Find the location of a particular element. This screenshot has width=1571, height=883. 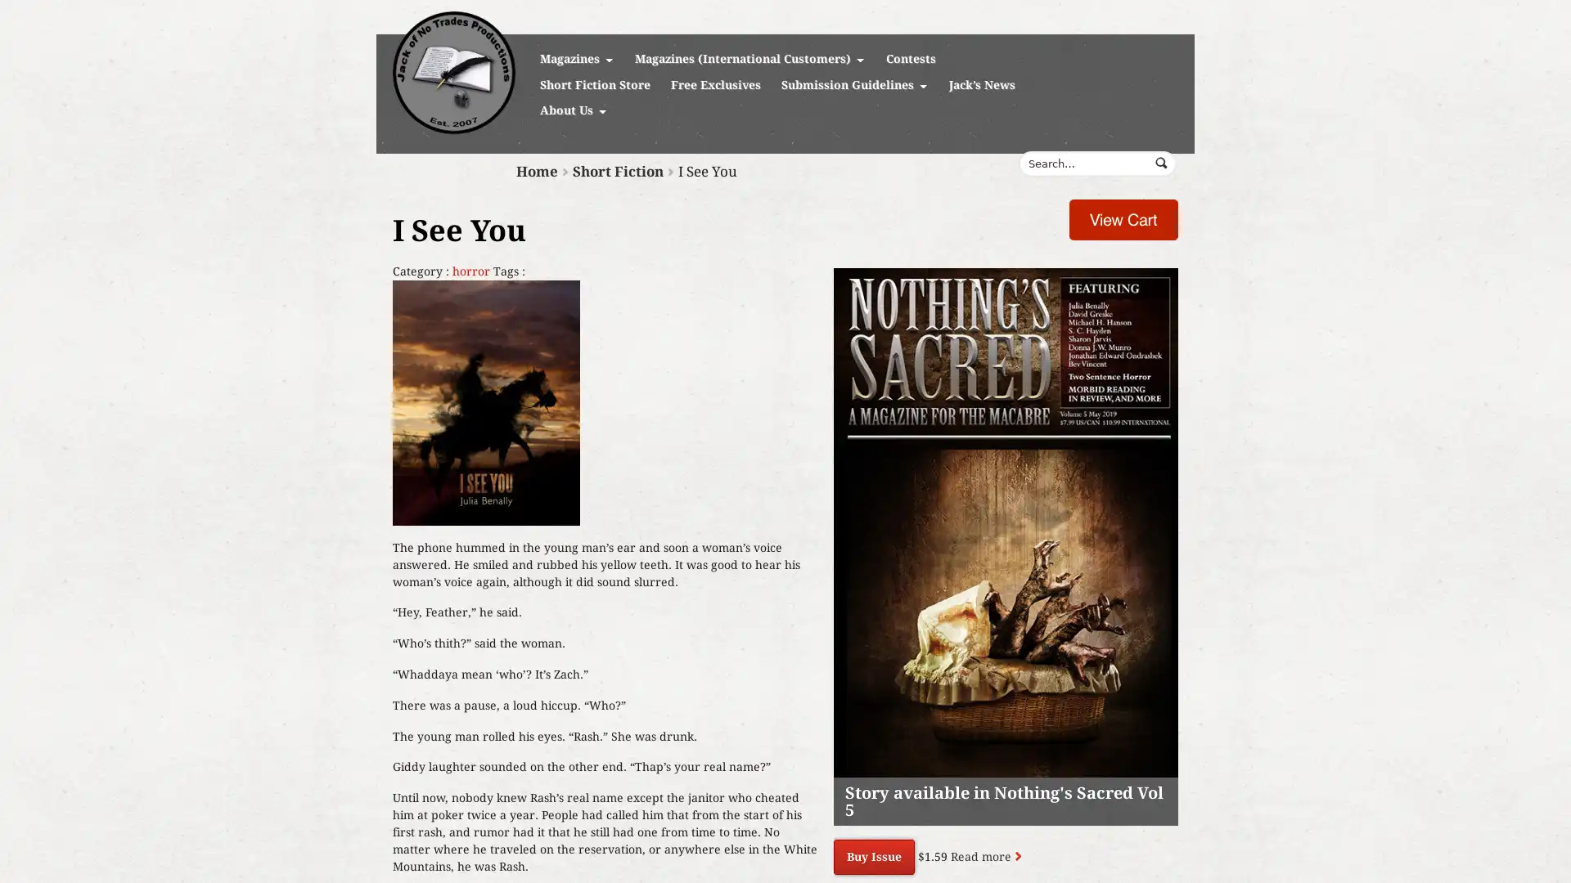

Submit is located at coordinates (1161, 163).